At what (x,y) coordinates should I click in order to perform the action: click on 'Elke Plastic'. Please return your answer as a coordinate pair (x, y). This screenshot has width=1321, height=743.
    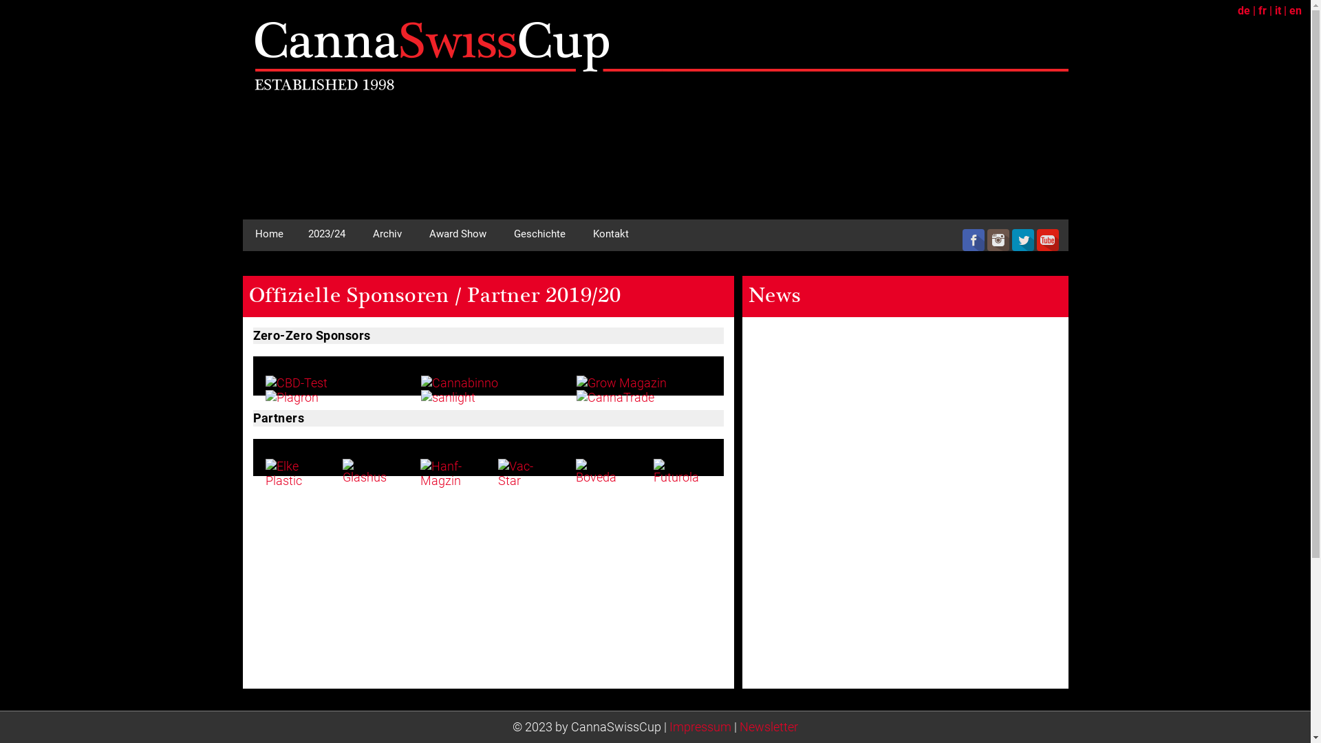
    Looking at the image, I should click on (290, 472).